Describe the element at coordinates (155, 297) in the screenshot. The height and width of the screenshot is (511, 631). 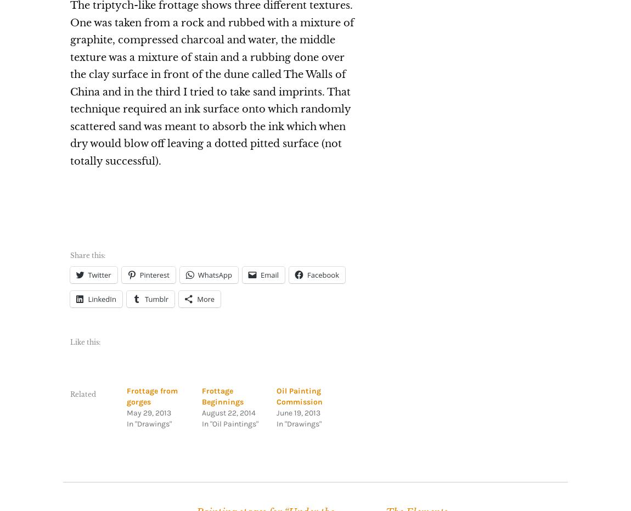
I see `'Tumblr'` at that location.